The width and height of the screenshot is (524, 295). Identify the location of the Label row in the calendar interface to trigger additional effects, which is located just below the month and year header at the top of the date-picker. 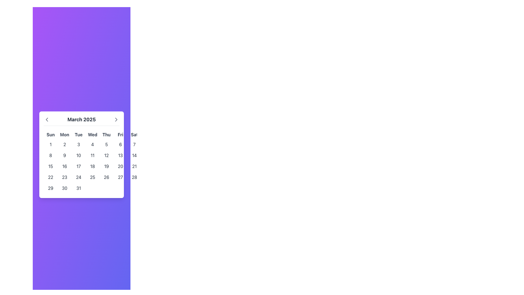
(93, 134).